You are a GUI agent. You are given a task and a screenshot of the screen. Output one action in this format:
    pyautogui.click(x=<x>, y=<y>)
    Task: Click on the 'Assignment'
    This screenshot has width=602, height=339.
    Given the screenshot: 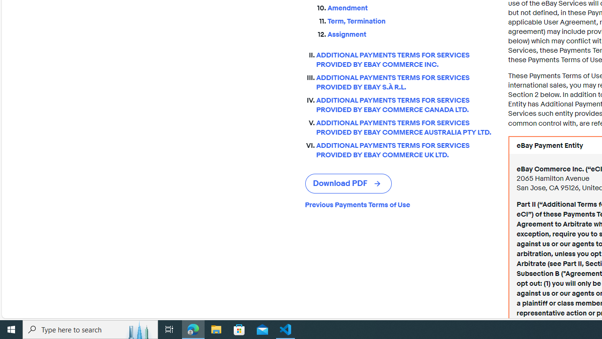 What is the action you would take?
    pyautogui.click(x=410, y=32)
    